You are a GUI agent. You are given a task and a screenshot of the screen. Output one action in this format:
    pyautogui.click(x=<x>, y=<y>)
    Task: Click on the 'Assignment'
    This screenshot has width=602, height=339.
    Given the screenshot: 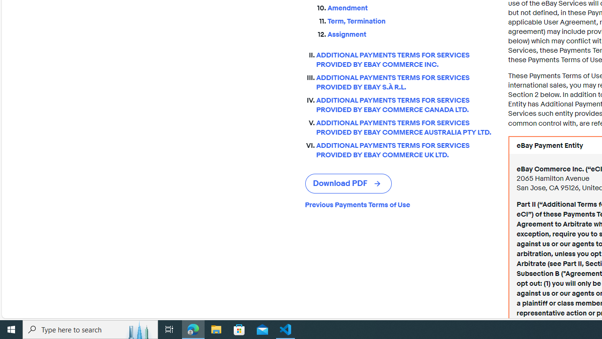 What is the action you would take?
    pyautogui.click(x=410, y=32)
    